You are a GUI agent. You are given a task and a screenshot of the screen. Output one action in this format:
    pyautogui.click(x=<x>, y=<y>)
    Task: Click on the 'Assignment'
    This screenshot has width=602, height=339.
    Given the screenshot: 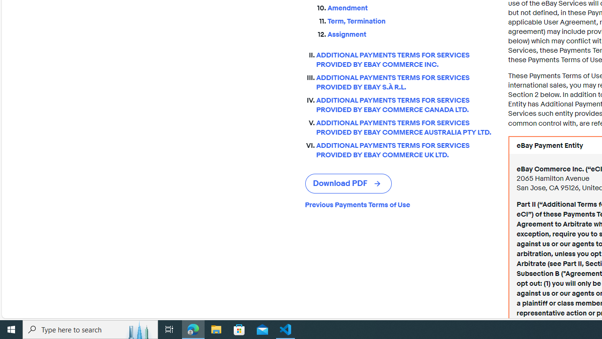 What is the action you would take?
    pyautogui.click(x=410, y=32)
    